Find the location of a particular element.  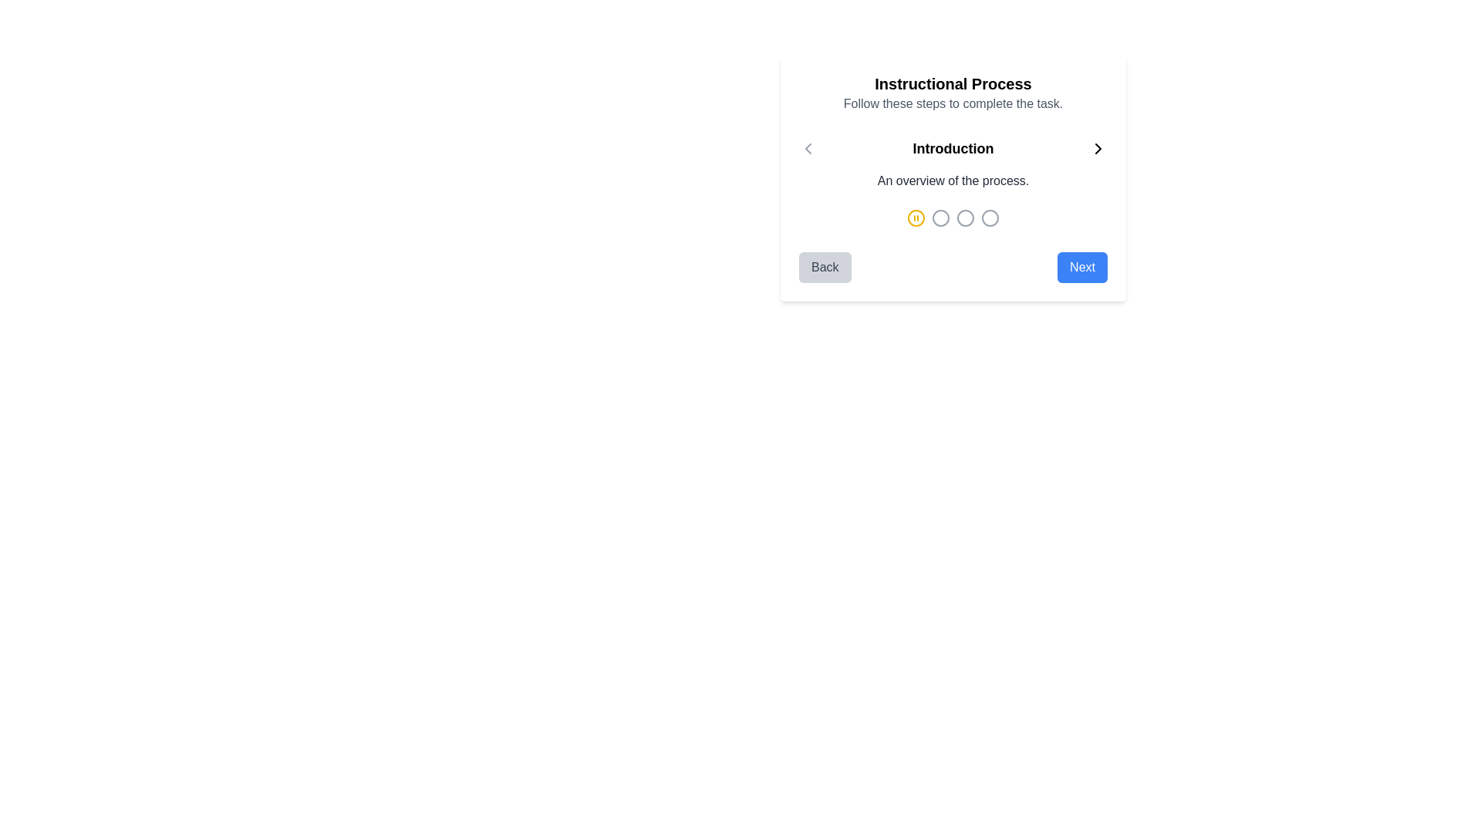

the fourth Step Progress Indicator (Circle) with a hollow design and gray border is located at coordinates (990, 218).